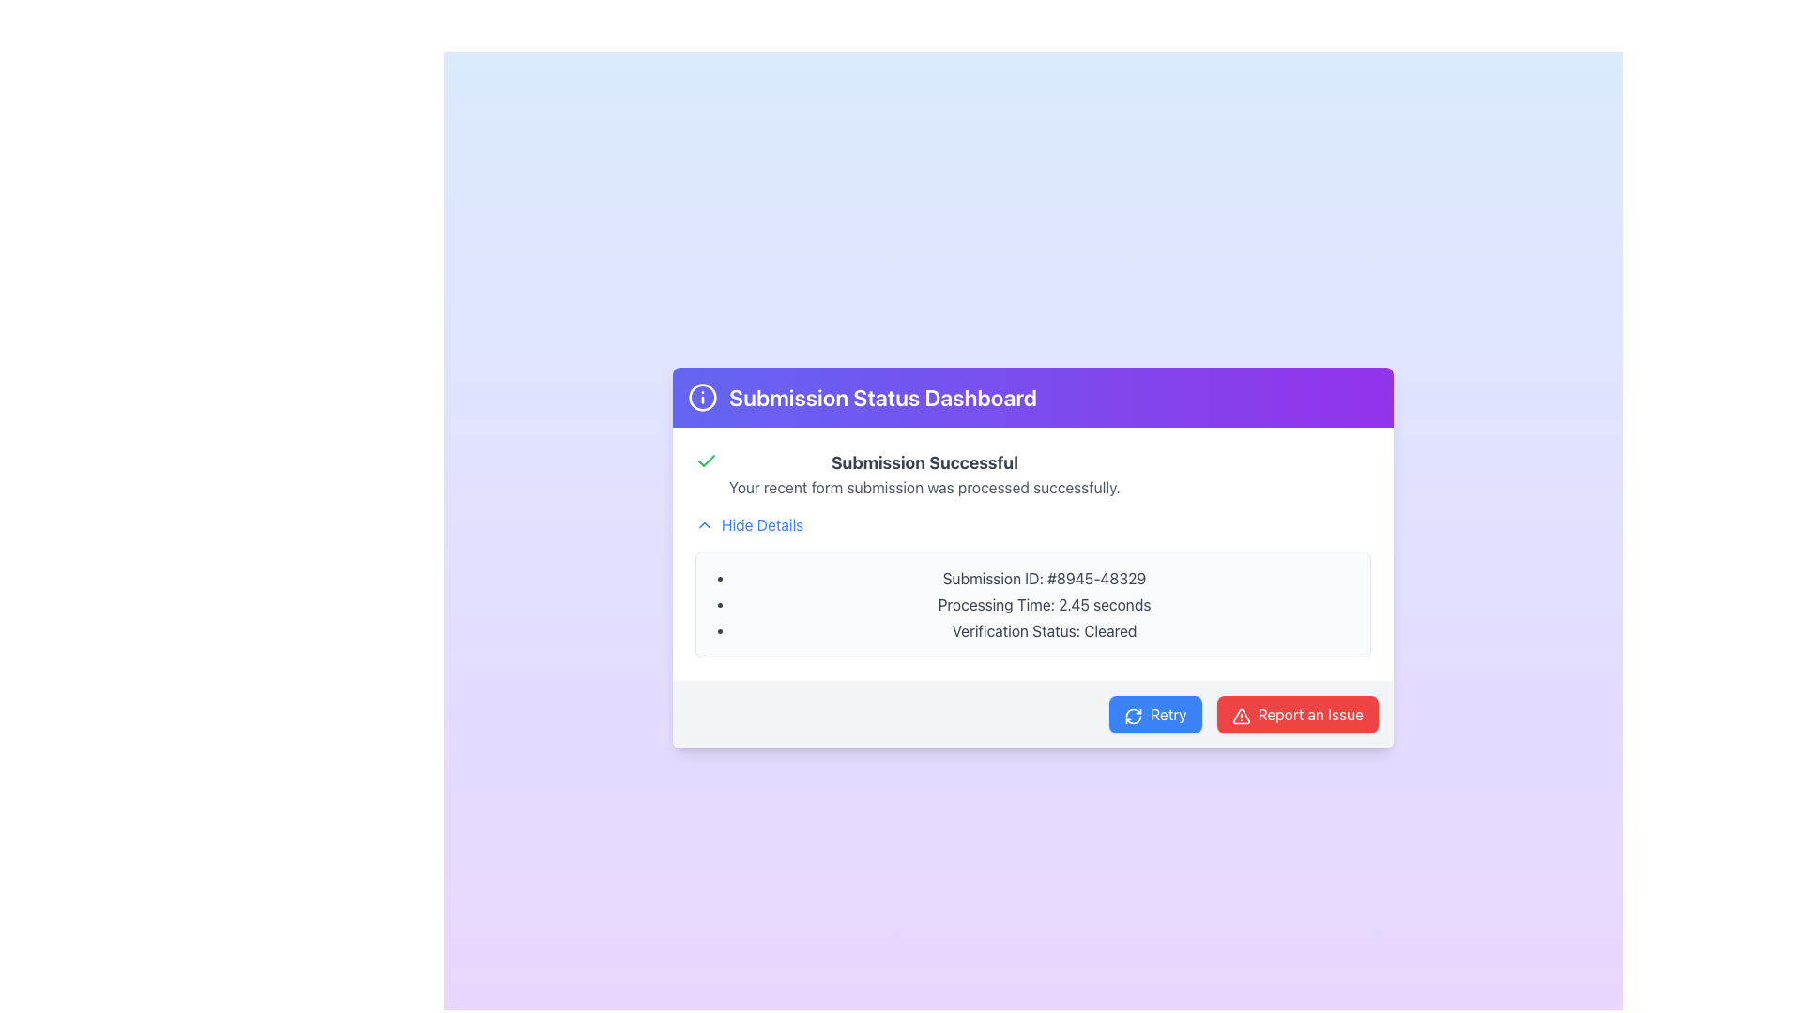  Describe the element at coordinates (703, 524) in the screenshot. I see `the small upward-pointing chevron icon located to the left of the 'Hide Details' text` at that location.